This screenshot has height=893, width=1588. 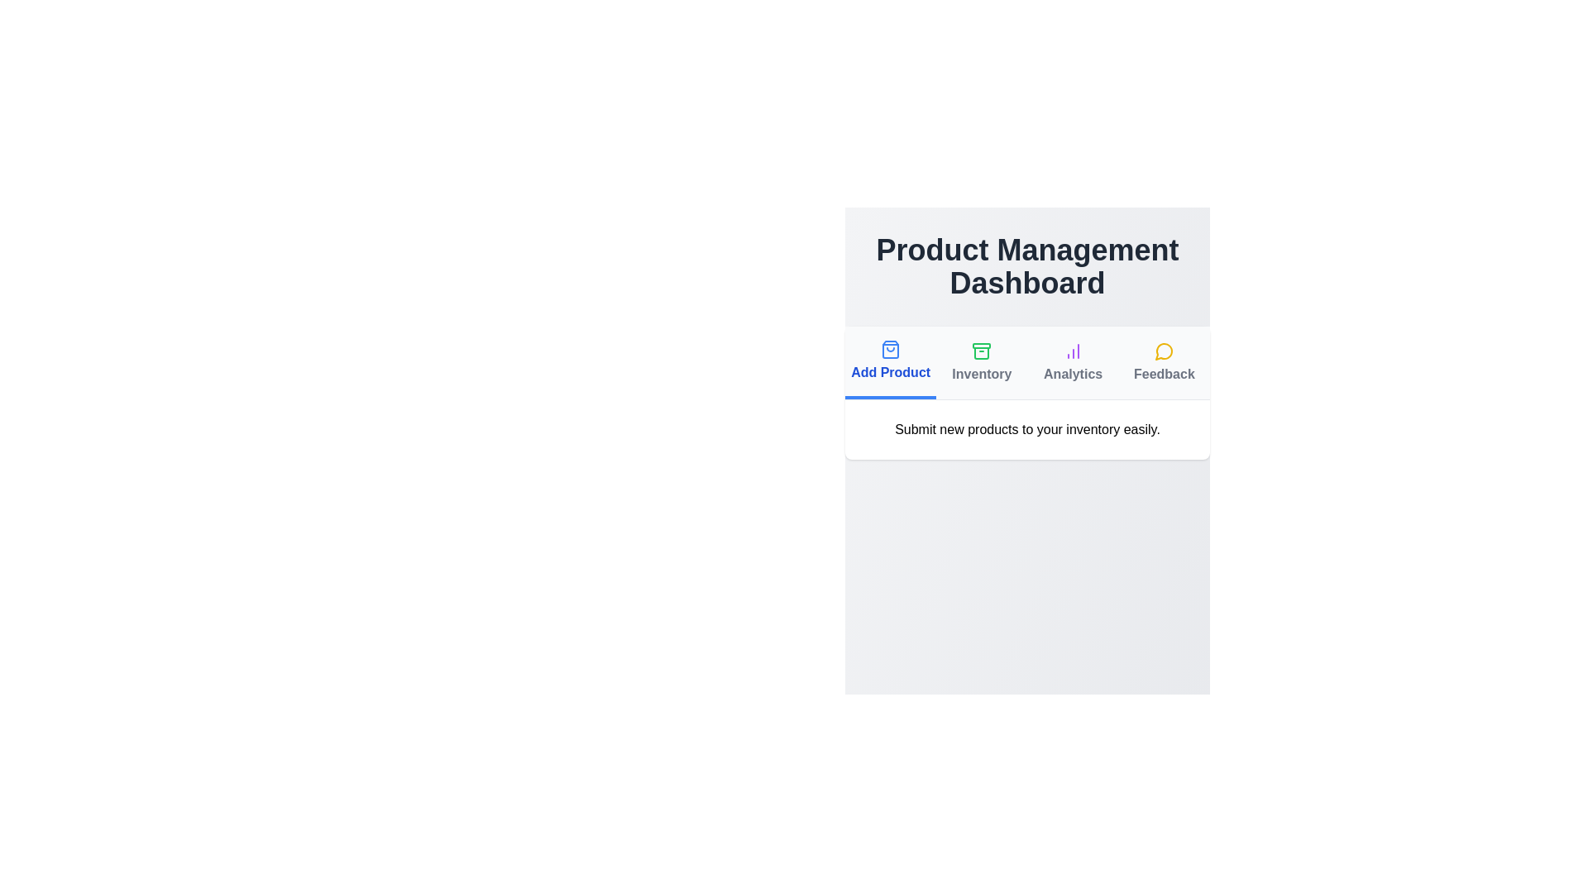 What do you see at coordinates (1026, 266) in the screenshot?
I see `the text header 'Product Management Dashboard' which is bold and prominently styled, located at the top center of the interface` at bounding box center [1026, 266].